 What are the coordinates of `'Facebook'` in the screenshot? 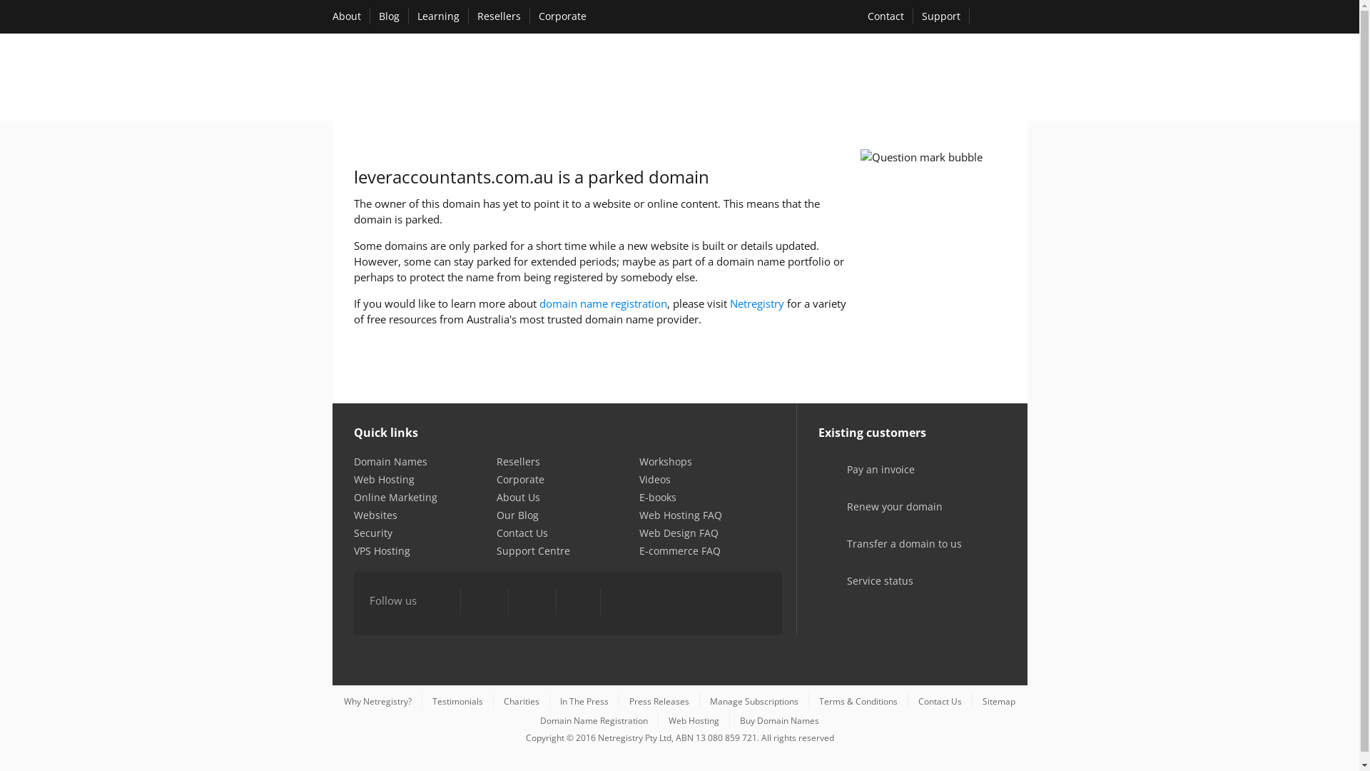 It's located at (439, 602).